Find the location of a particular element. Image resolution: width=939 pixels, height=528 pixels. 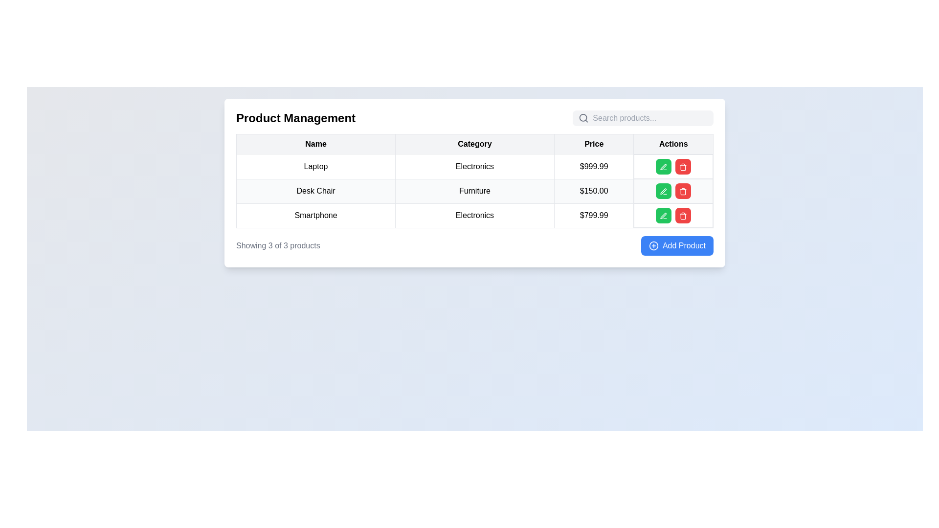

the red delete button SVG icon located under the 'Actions' column of the third row of the table is located at coordinates (683, 192).